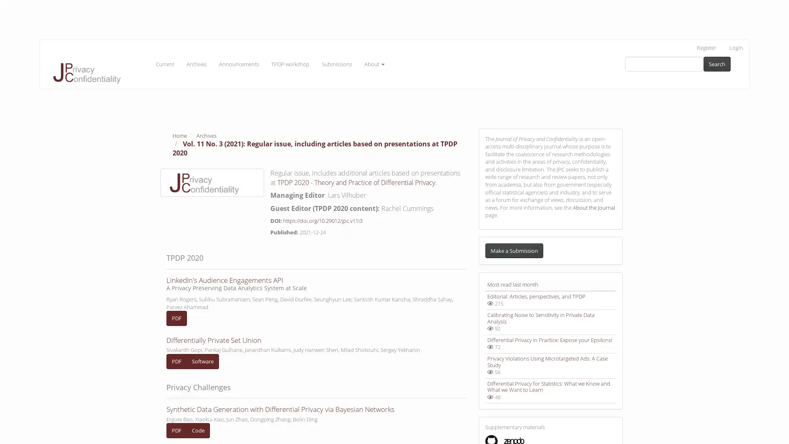 The image size is (789, 444). What do you see at coordinates (176, 430) in the screenshot?
I see `PDF` at bounding box center [176, 430].